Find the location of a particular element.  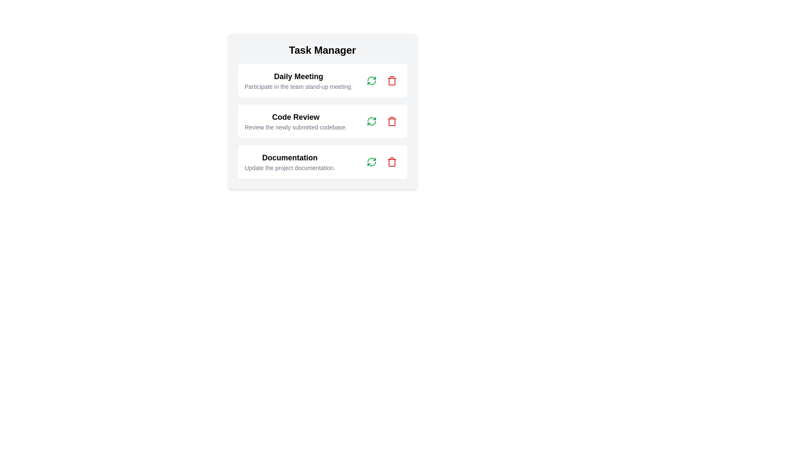

the refresh button with an icon located on the right-hand side of the 'Daily Meeting' task row is located at coordinates (371, 81).